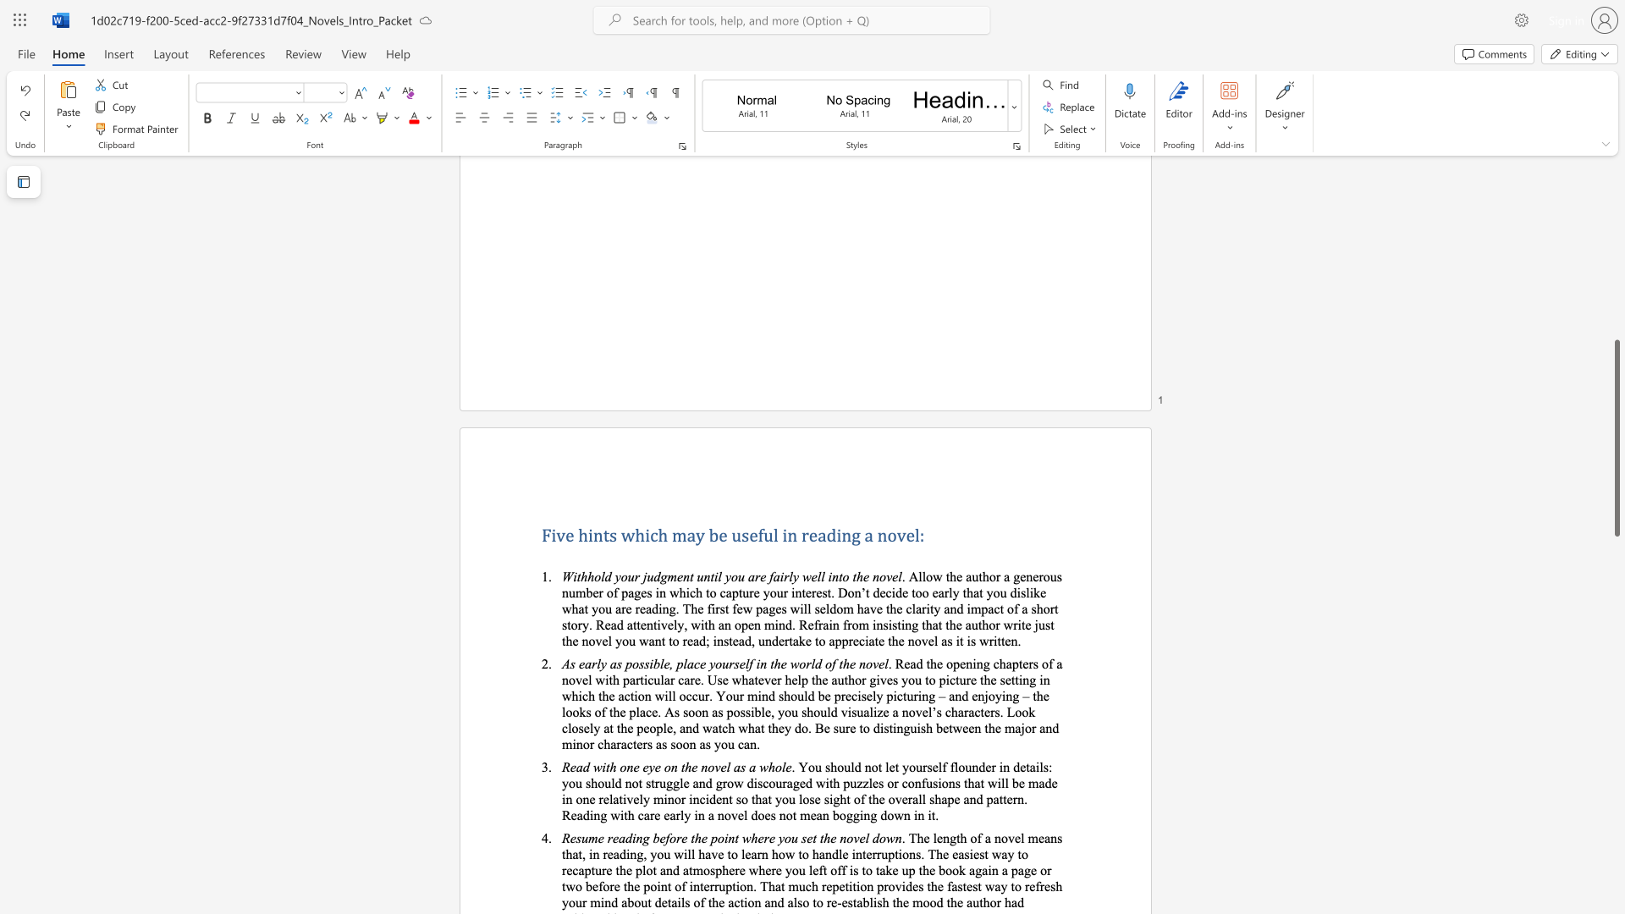 This screenshot has height=914, width=1625. Describe the element at coordinates (619, 712) in the screenshot. I see `the subset text "e place. As soon as possible, you should visualize a novel’s characters. Look closely at the people, and watch what they do. Be sure to distinguish between the major and minor characters as soon as yo" within the text ". Read the opening chapters of a novel with particular care. Use whatever help the author gives you to picture the setting in which the action will occur. Your mind should be precisely picturing – and enjoying – the looks of the place. As soon as possible, you should visualize a novel’s characters. Look closely at the people, and watch what they do. Be sure to distinguish between the major and minor characters as soon as you can."` at that location.